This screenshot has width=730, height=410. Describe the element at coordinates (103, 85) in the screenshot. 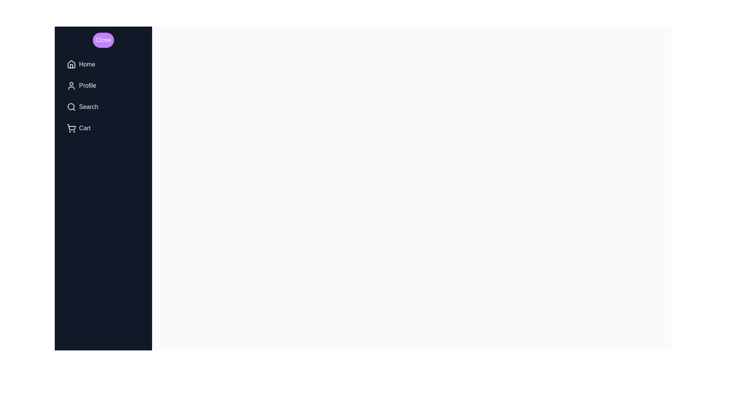

I see `the menu item Profile to select it` at that location.